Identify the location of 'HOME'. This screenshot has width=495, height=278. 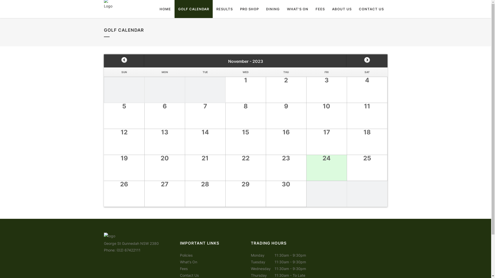
(164, 9).